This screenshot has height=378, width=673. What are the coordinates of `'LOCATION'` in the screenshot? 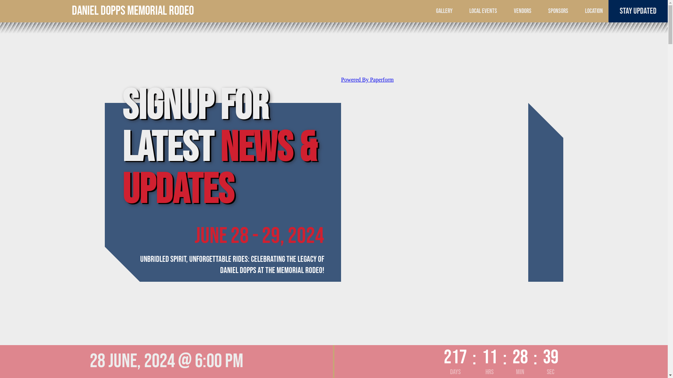 It's located at (593, 11).